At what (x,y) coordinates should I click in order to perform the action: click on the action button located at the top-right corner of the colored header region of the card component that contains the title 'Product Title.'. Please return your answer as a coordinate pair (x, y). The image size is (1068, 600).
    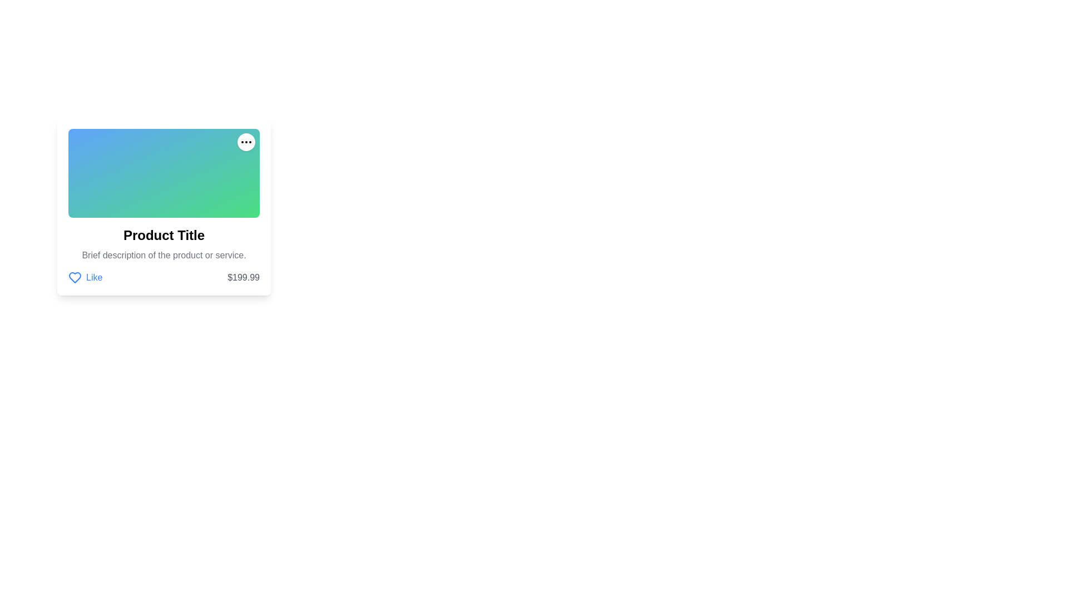
    Looking at the image, I should click on (245, 141).